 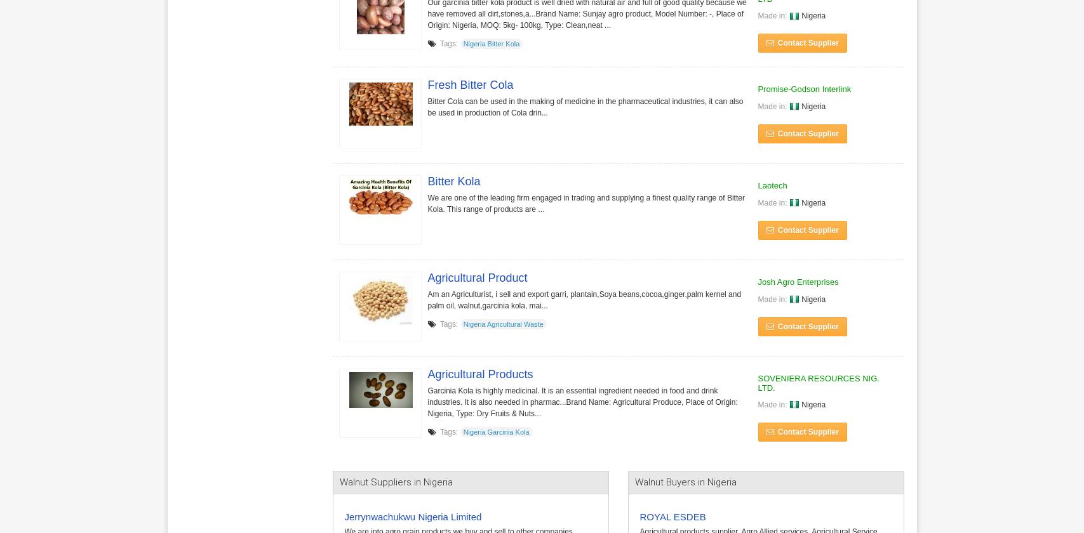 What do you see at coordinates (684, 482) in the screenshot?
I see `'Walnut Buyers in Nigeria'` at bounding box center [684, 482].